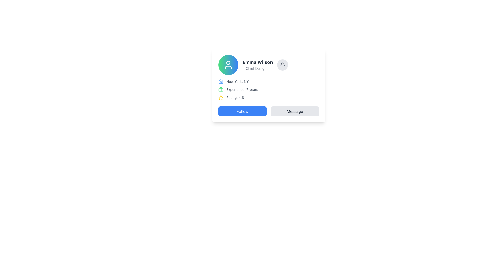 The height and width of the screenshot is (272, 484). What do you see at coordinates (237, 81) in the screenshot?
I see `the text label displaying 'New York, NY' located below the name and title in the profile card, to the right of a house icon` at bounding box center [237, 81].